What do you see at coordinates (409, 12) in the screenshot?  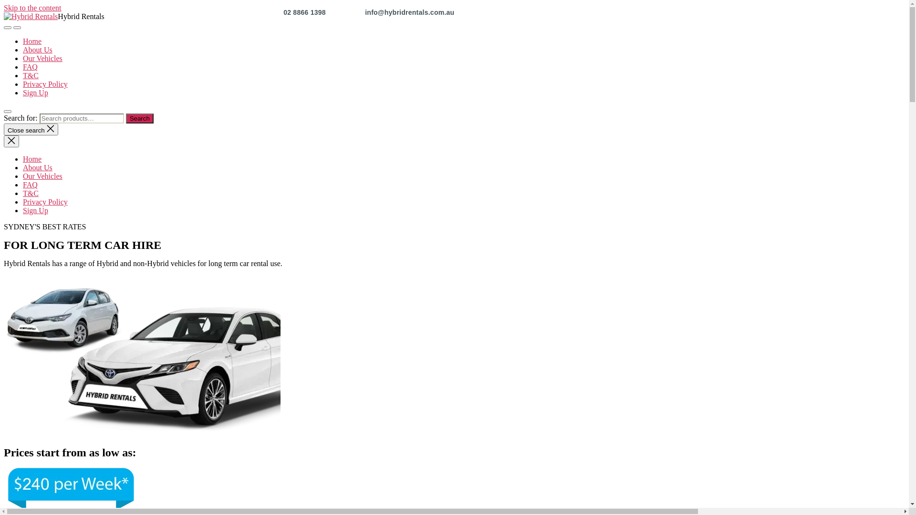 I see `'info@hybridrentals.com.au'` at bounding box center [409, 12].